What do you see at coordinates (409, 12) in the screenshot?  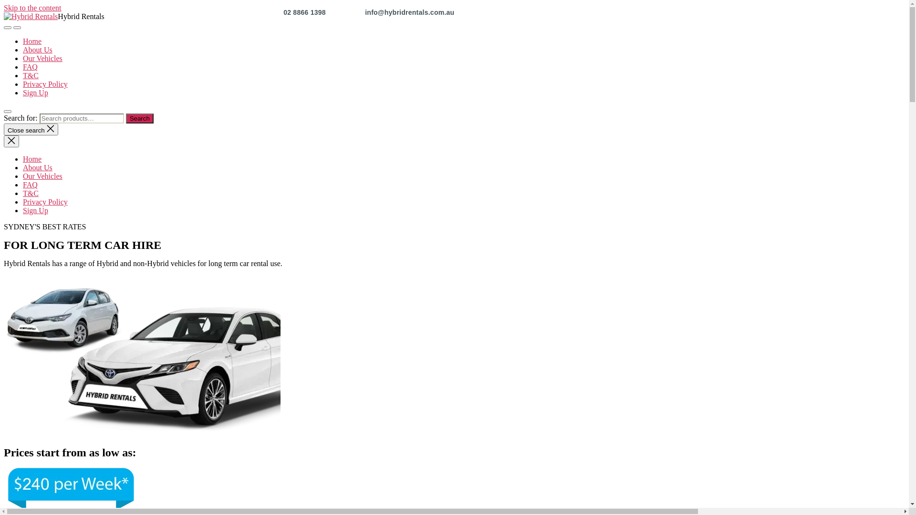 I see `'info@hybridrentals.com.au'` at bounding box center [409, 12].